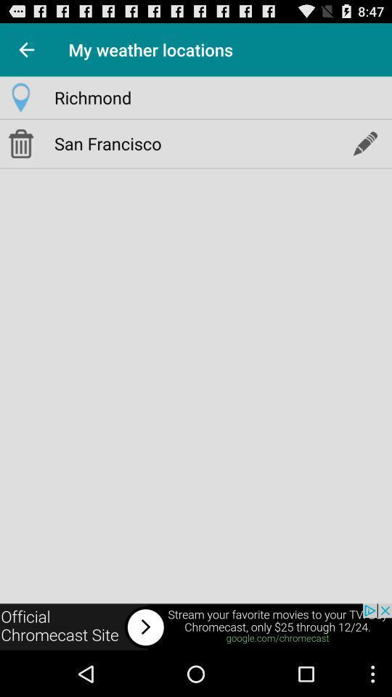 The width and height of the screenshot is (392, 697). I want to click on edit location, so click(364, 143).